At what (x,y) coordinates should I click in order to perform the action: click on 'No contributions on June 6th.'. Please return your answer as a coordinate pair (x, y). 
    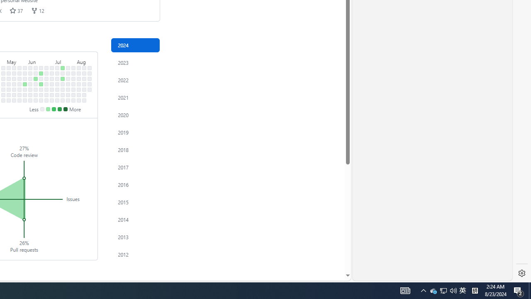
    Looking at the image, I should click on (30, 89).